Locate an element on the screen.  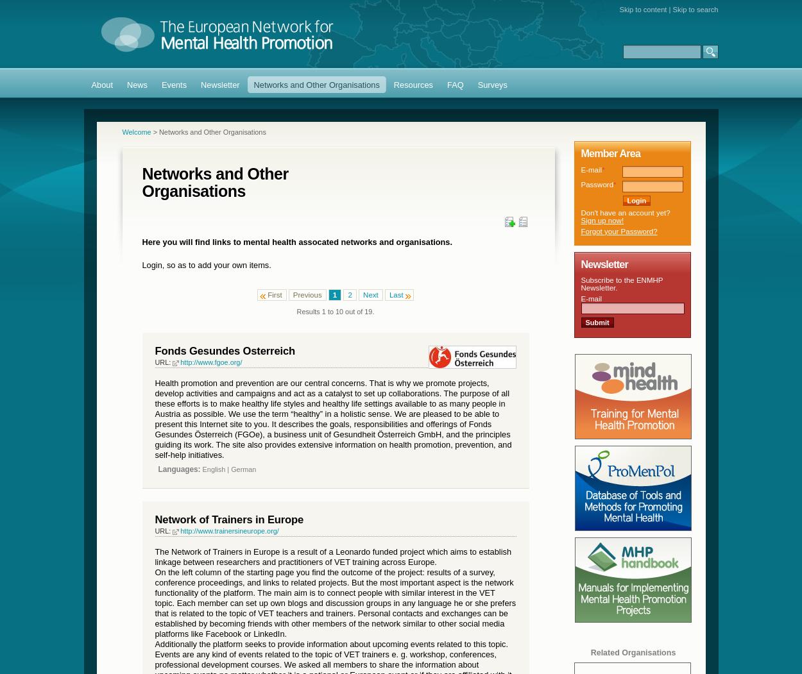
'Previous' is located at coordinates (306, 293).